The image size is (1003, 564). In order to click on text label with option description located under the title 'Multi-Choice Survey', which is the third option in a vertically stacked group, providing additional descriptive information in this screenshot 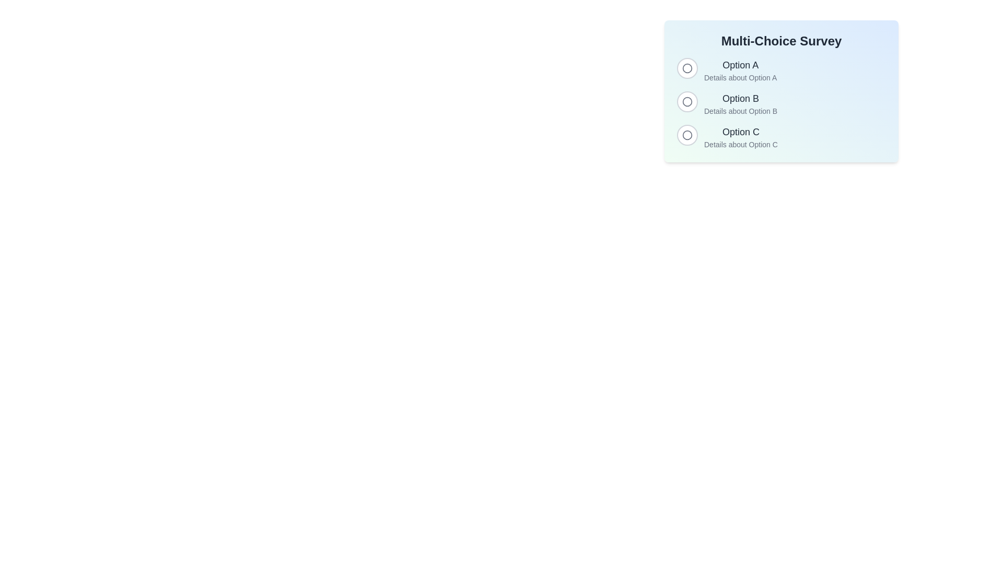, I will do `click(740, 136)`.